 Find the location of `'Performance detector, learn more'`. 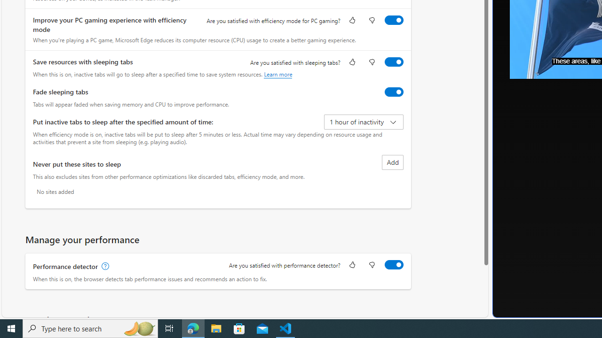

'Performance detector, learn more' is located at coordinates (104, 266).